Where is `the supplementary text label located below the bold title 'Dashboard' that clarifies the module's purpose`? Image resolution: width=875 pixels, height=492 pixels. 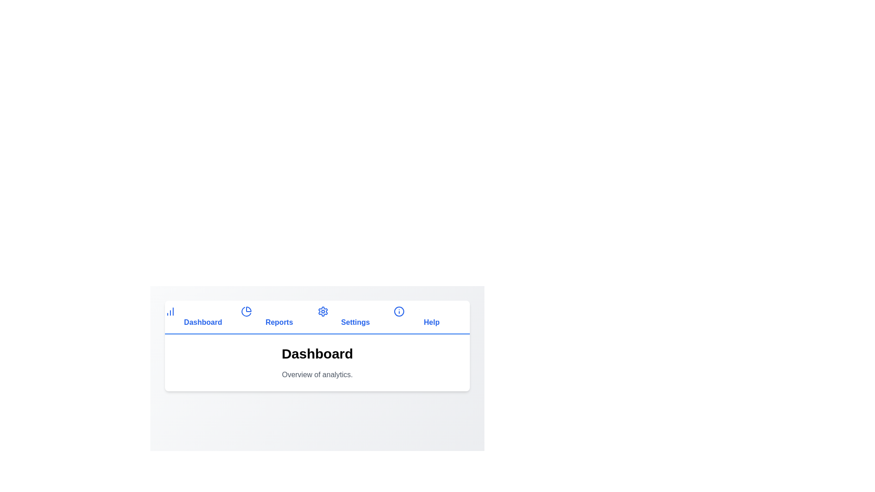
the supplementary text label located below the bold title 'Dashboard' that clarifies the module's purpose is located at coordinates (317, 374).